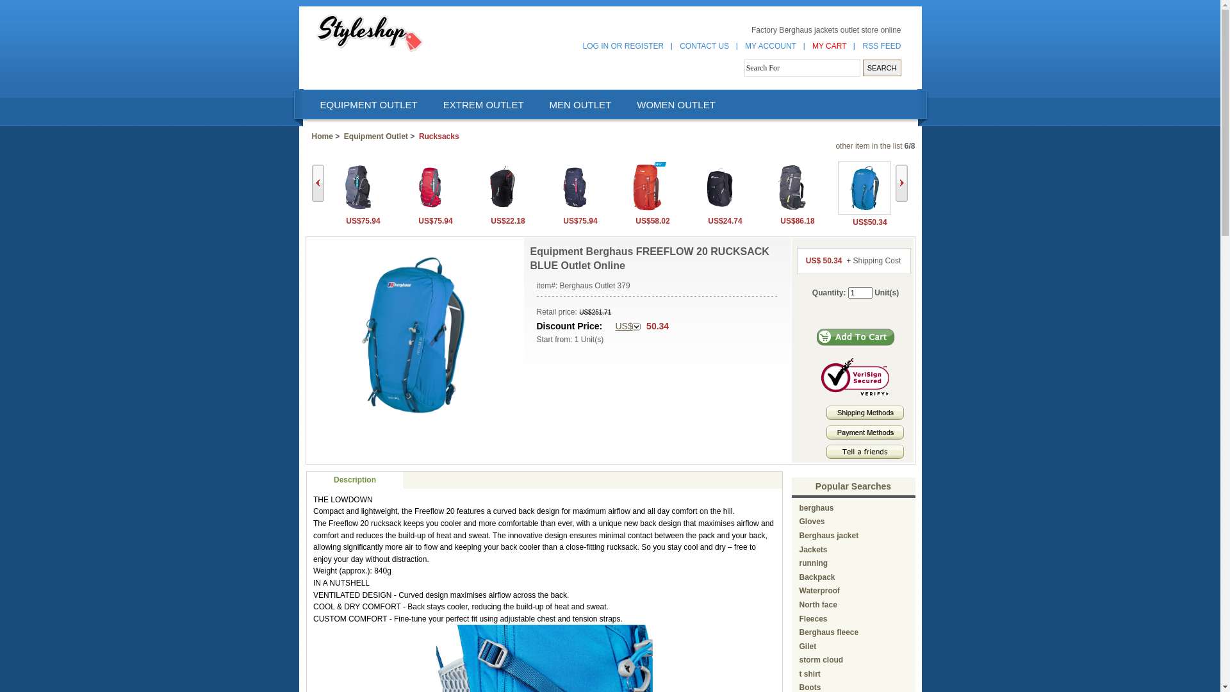 The height and width of the screenshot is (692, 1230). I want to click on 'Berghaus jacket', so click(829, 536).